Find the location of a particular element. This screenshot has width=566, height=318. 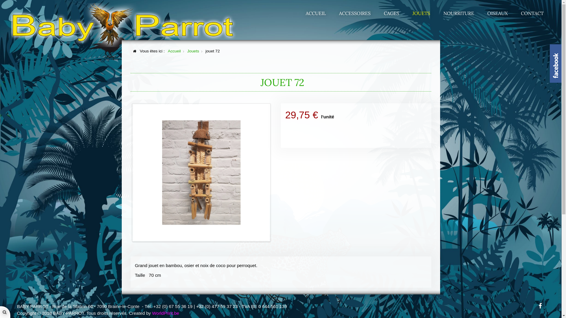

'ACCUEIL' is located at coordinates (315, 13).